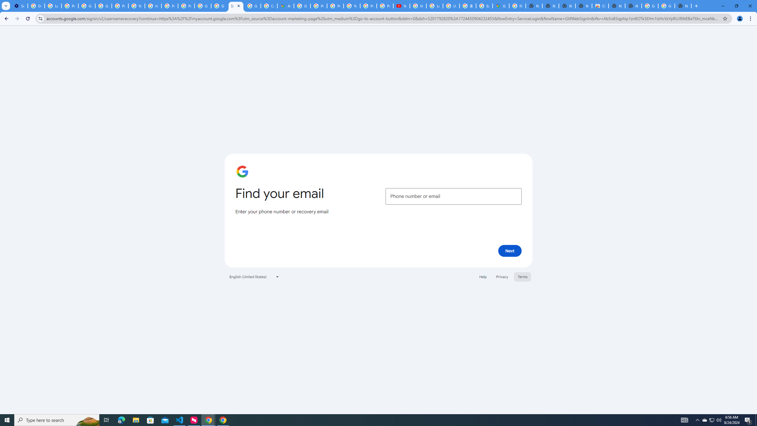 The height and width of the screenshot is (426, 757). I want to click on 'YouTube', so click(401, 6).